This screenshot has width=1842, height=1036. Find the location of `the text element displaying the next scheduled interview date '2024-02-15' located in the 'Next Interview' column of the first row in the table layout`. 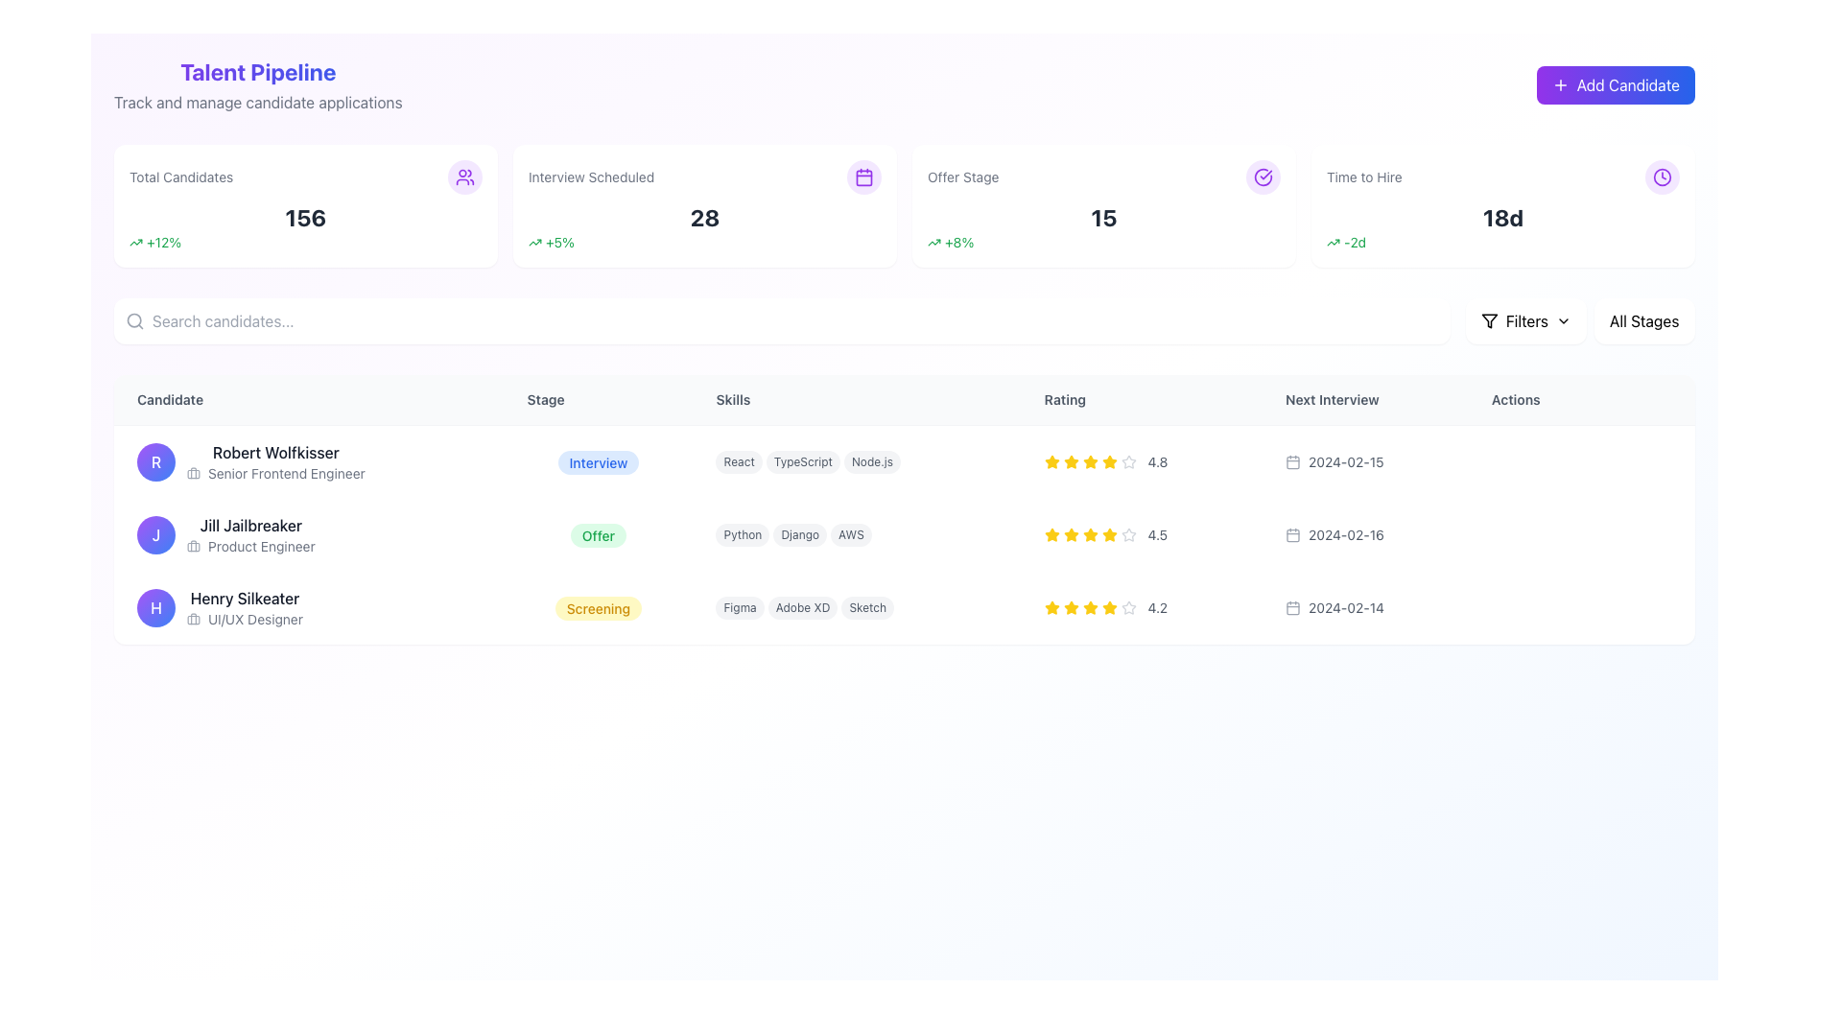

the text element displaying the next scheduled interview date '2024-02-15' located in the 'Next Interview' column of the first row in the table layout is located at coordinates (1345, 462).